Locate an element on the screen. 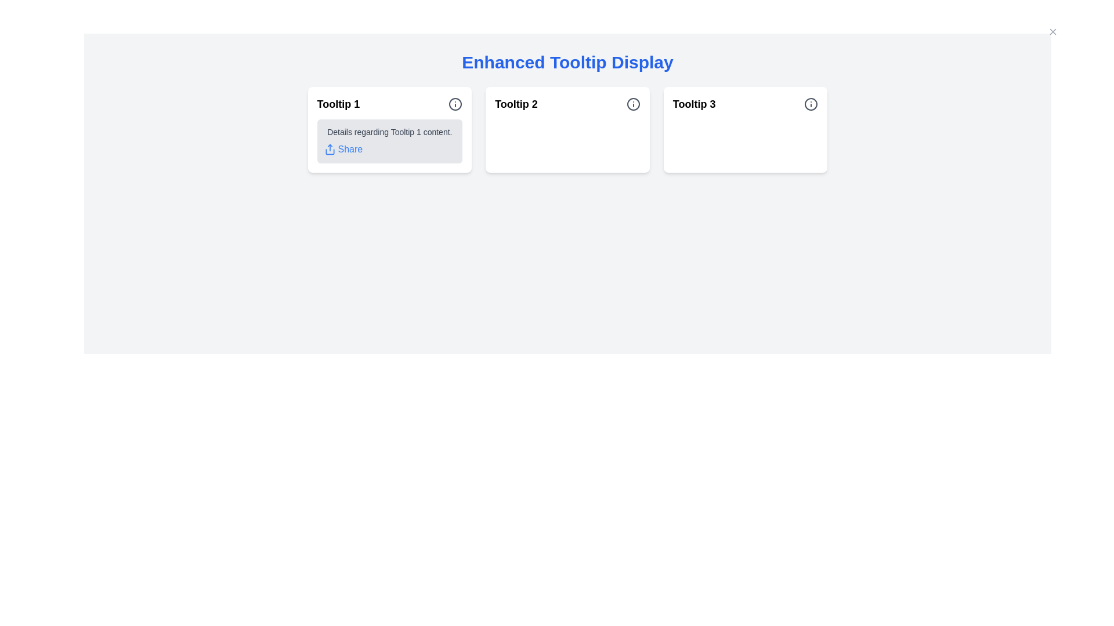 The height and width of the screenshot is (626, 1114). the circular Icon component located in the 'Tooltip 2' section is located at coordinates (632, 104).